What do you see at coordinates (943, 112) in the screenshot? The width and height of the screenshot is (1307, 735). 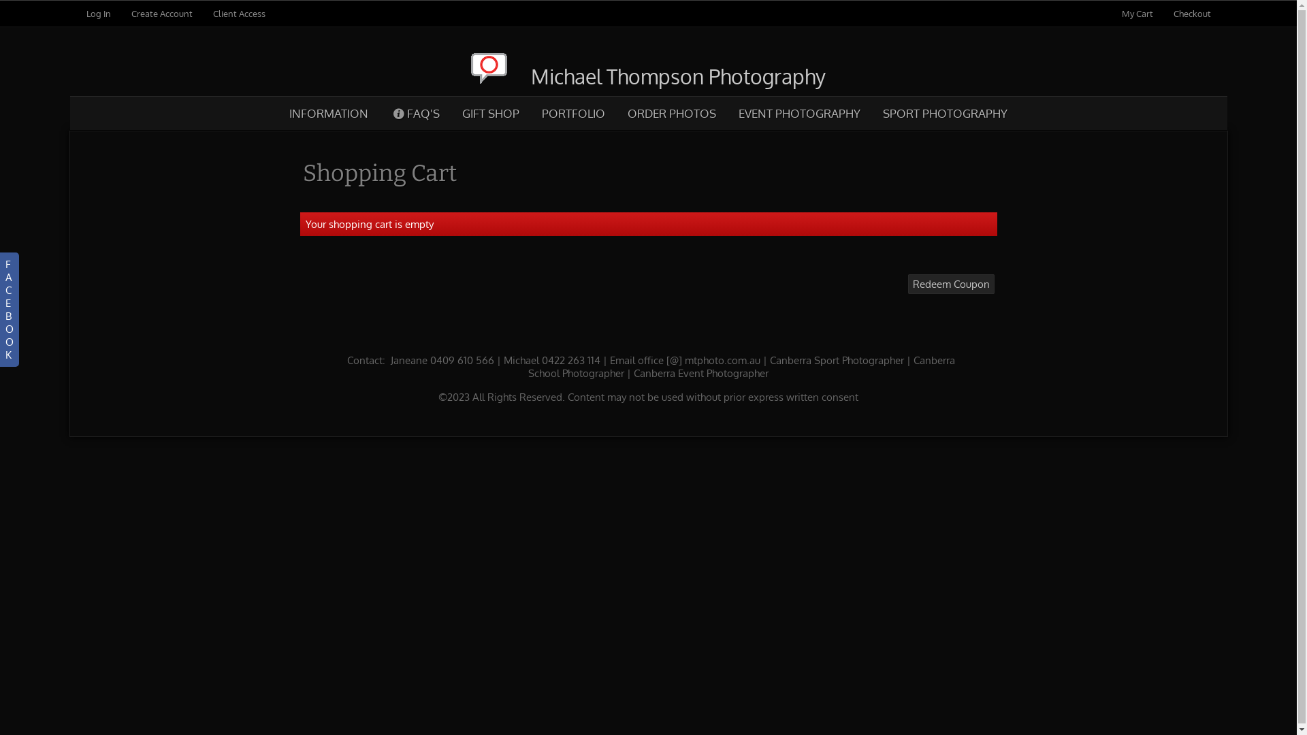 I see `'SPORT PHOTOGRAPHY'` at bounding box center [943, 112].